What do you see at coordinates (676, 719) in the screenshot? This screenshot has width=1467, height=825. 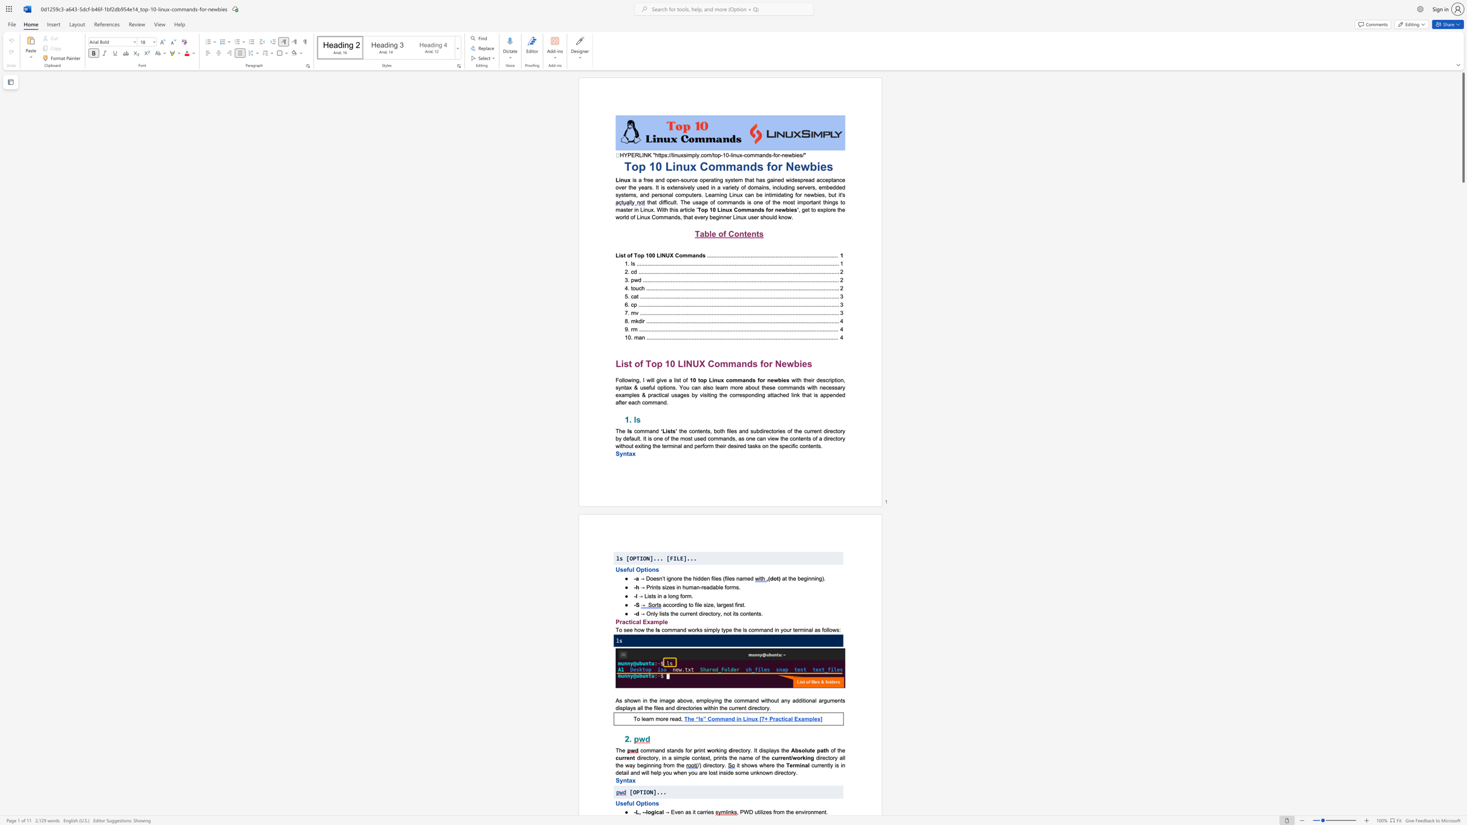 I see `the 2th character "a" in the text` at bounding box center [676, 719].